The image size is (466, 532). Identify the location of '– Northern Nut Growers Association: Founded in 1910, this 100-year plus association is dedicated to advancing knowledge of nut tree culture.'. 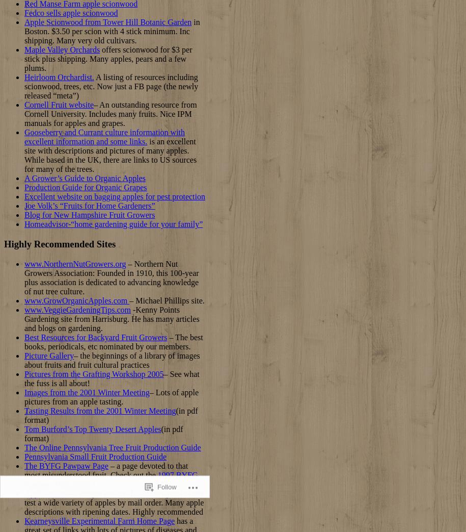
(111, 277).